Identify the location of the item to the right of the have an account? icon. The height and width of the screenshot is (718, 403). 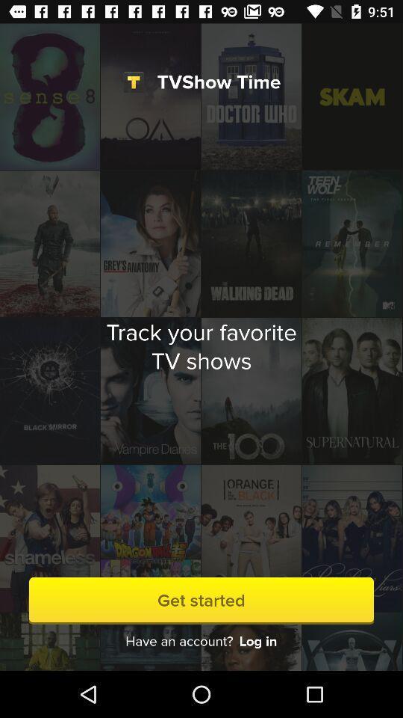
(257, 640).